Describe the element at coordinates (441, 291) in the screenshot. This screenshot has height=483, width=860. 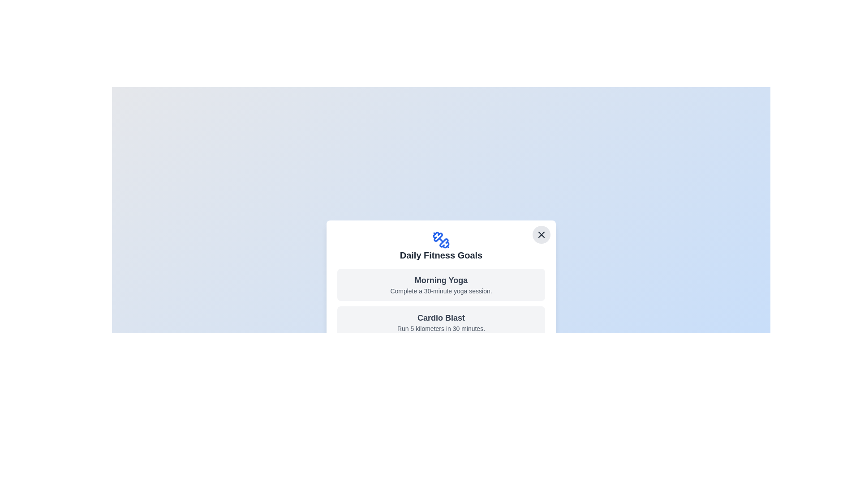
I see `the Text Label that provides details about the 'Morning Yoga' task, which is centrally aligned below the 'Morning Yoga' heading in the 'Daily Fitness Goals' interface` at that location.